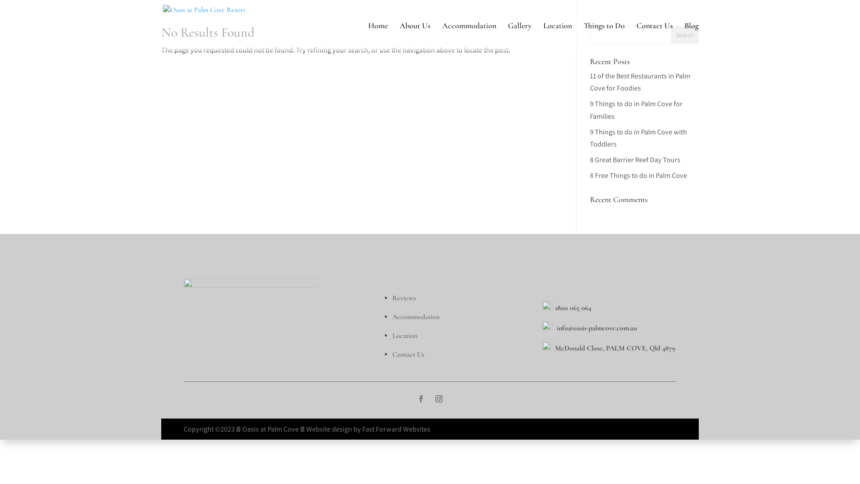 The height and width of the screenshot is (484, 860). I want to click on 'Location', so click(404, 335).